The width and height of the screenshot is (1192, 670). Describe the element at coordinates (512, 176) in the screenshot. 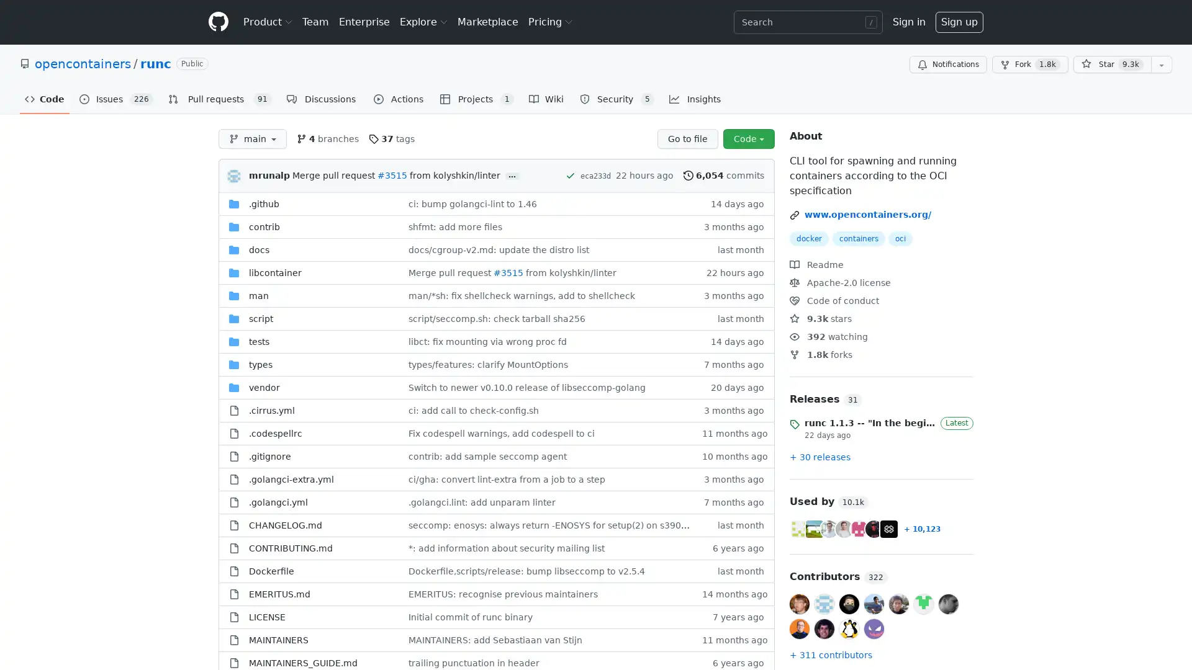

I see `...` at that location.